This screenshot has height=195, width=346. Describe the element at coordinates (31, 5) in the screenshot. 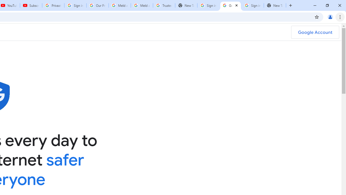

I see `'Subscriptions - YouTube'` at that location.